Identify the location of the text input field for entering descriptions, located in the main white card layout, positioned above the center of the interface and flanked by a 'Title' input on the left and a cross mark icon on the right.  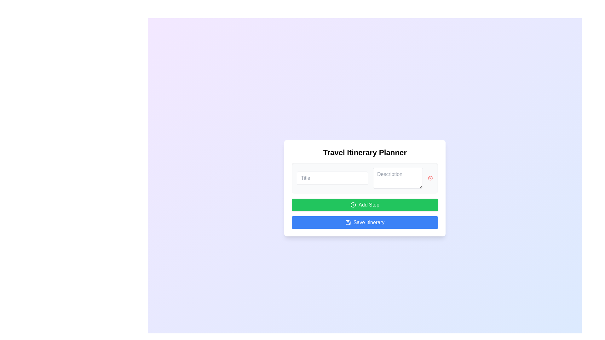
(398, 178).